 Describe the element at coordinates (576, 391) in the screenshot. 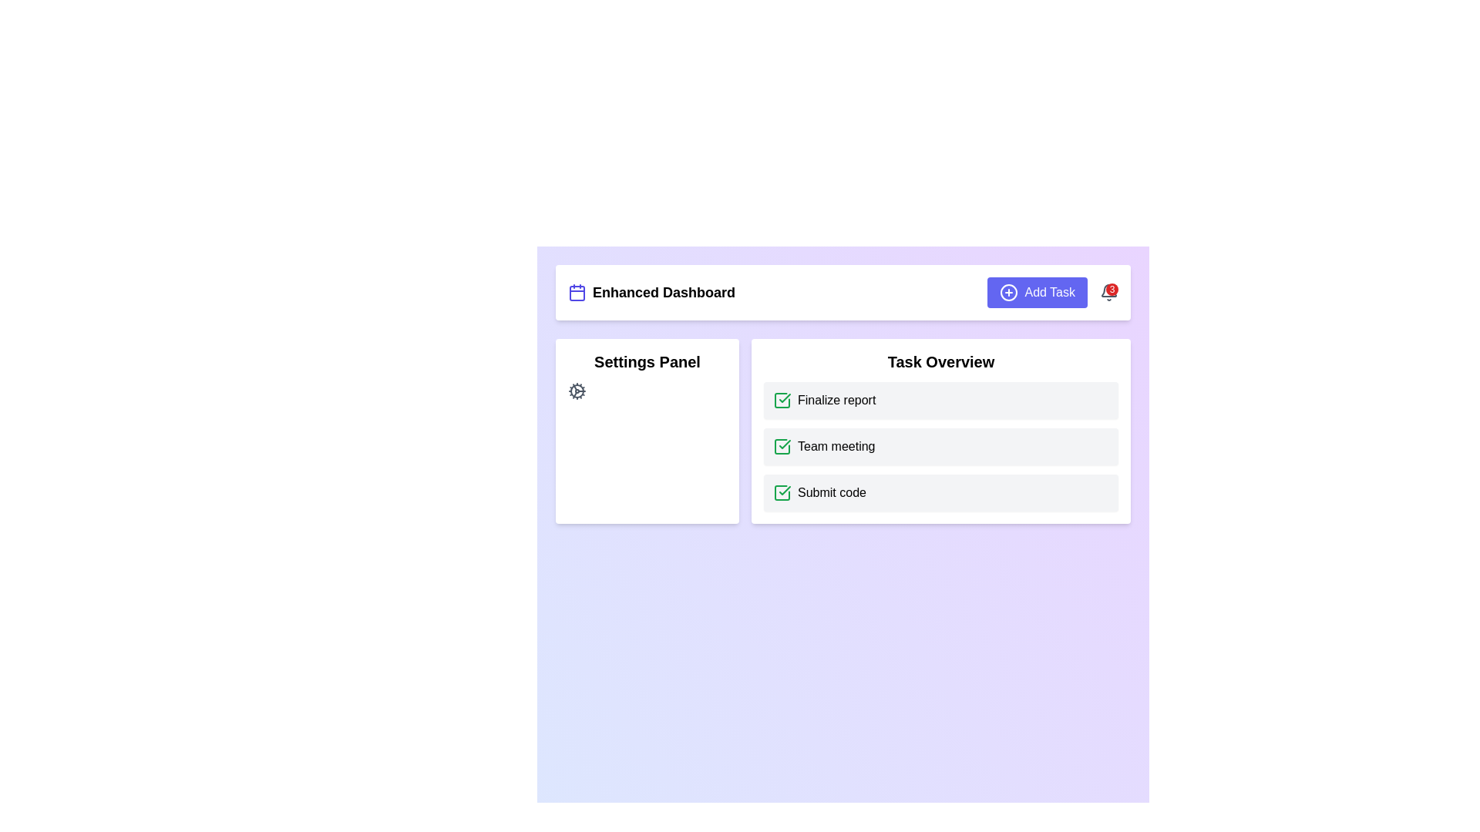

I see `the gray cog or gear icon located within the 'Settings Panel' card, positioned slightly below the panel's title text and aligned centrally horizontally` at that location.